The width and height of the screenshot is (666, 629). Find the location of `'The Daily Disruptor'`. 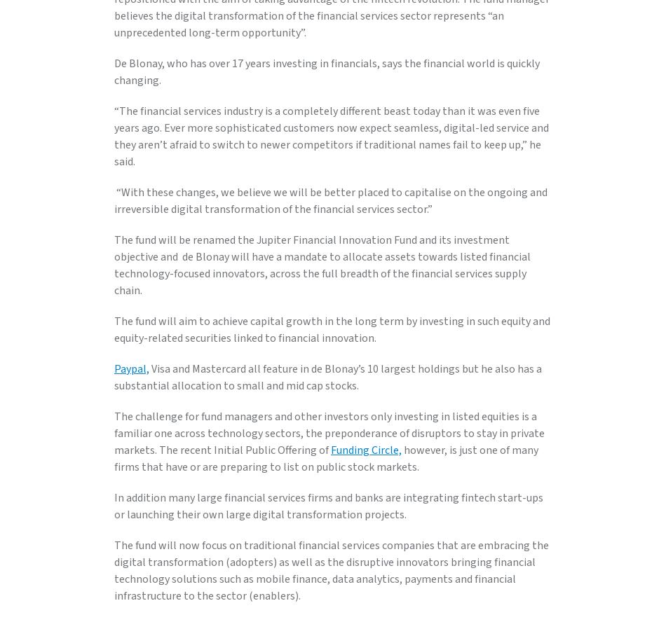

'The Daily Disruptor' is located at coordinates (150, 285).